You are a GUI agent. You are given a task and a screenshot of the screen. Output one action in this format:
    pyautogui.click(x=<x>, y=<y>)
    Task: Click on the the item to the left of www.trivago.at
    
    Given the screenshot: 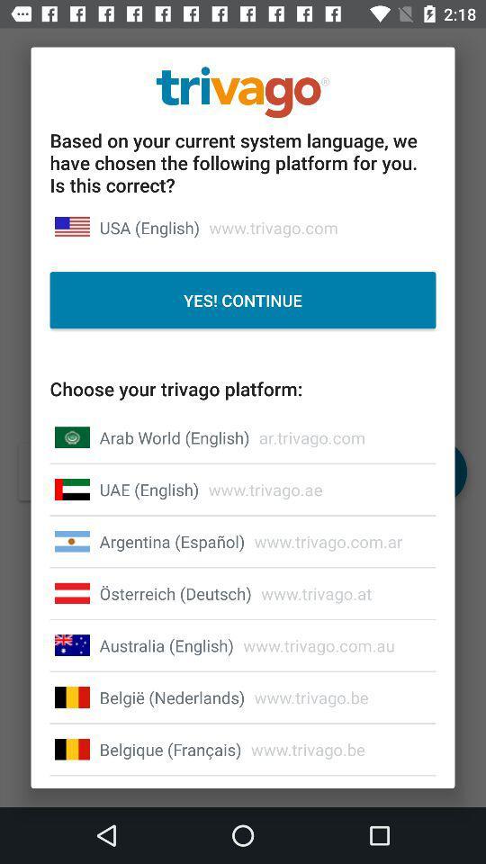 What is the action you would take?
    pyautogui.click(x=175, y=592)
    